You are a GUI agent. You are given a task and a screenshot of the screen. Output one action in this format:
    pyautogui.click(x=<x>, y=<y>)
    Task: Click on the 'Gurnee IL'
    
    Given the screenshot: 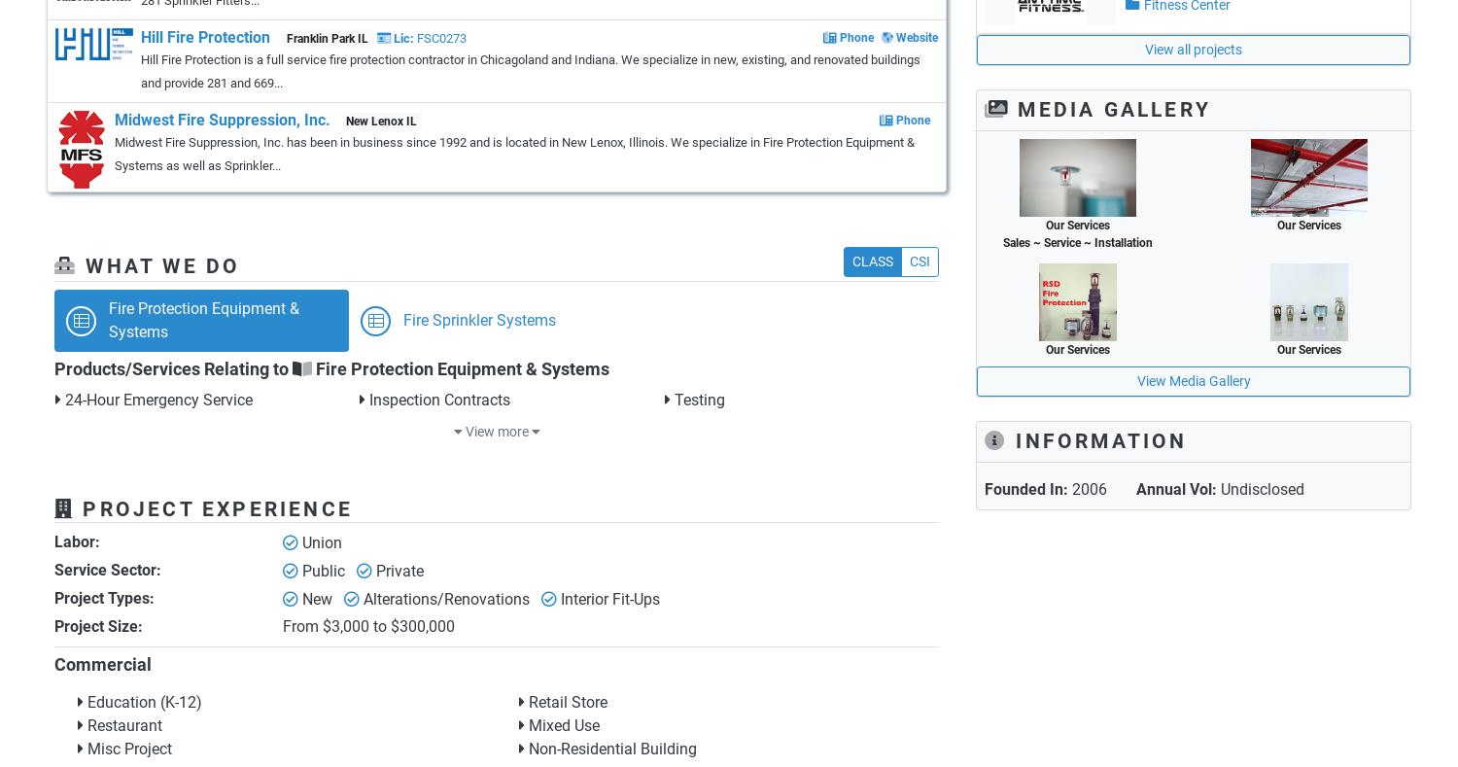 What is the action you would take?
    pyautogui.click(x=440, y=215)
    